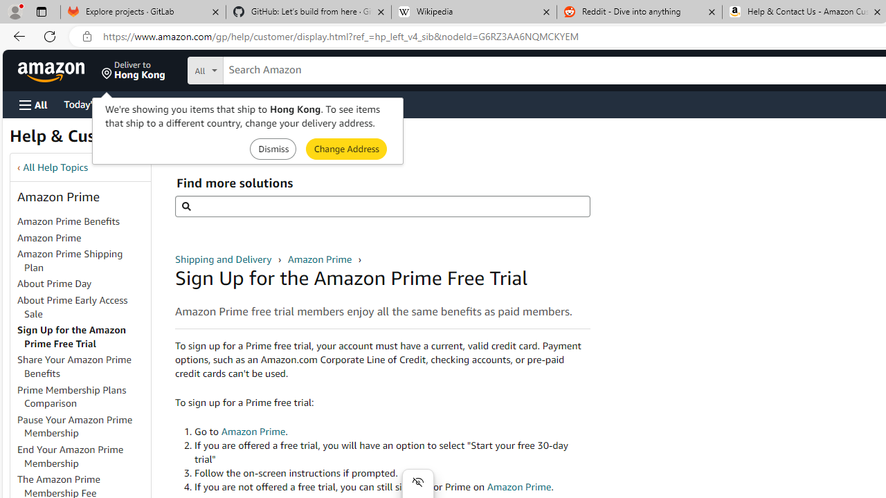 Image resolution: width=886 pixels, height=498 pixels. I want to click on 'Sign Up for the Amazon Prime Free Trial', so click(82, 338).